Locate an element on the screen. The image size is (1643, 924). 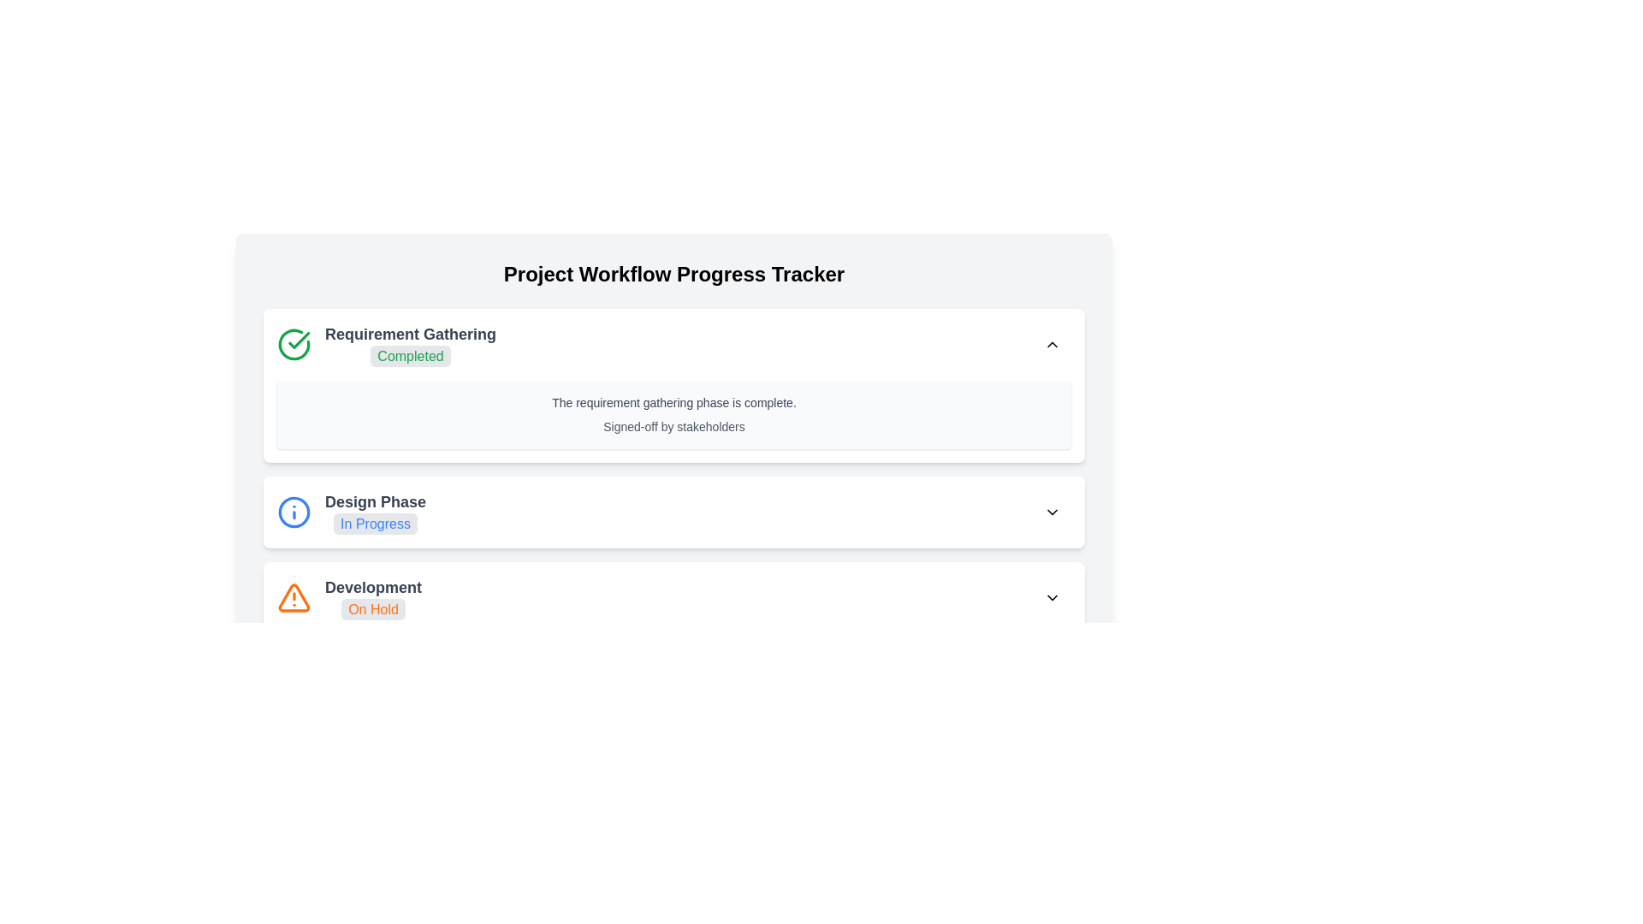
the Interactive toggle button located at the far right end of the 'Requirement Gathering' section header, next to the 'Completed' status badge is located at coordinates (1051, 344).